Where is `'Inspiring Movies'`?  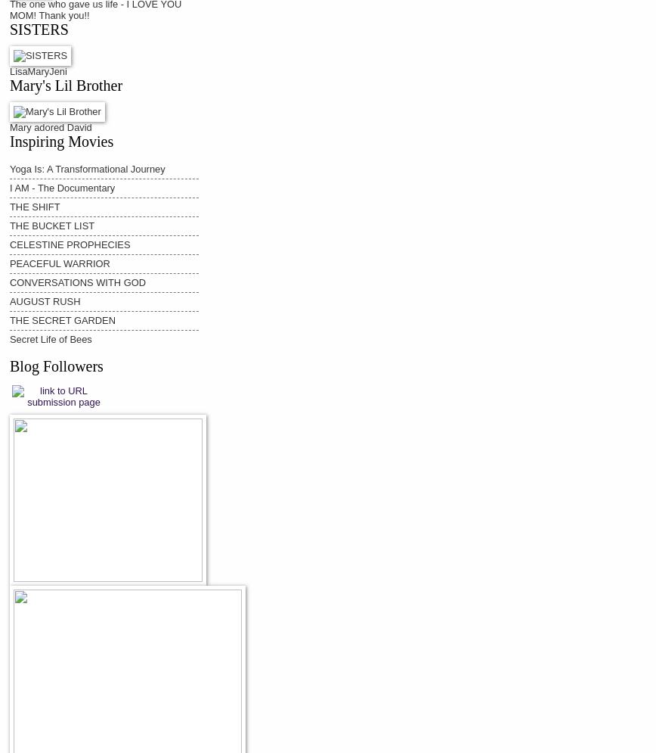 'Inspiring Movies' is located at coordinates (61, 140).